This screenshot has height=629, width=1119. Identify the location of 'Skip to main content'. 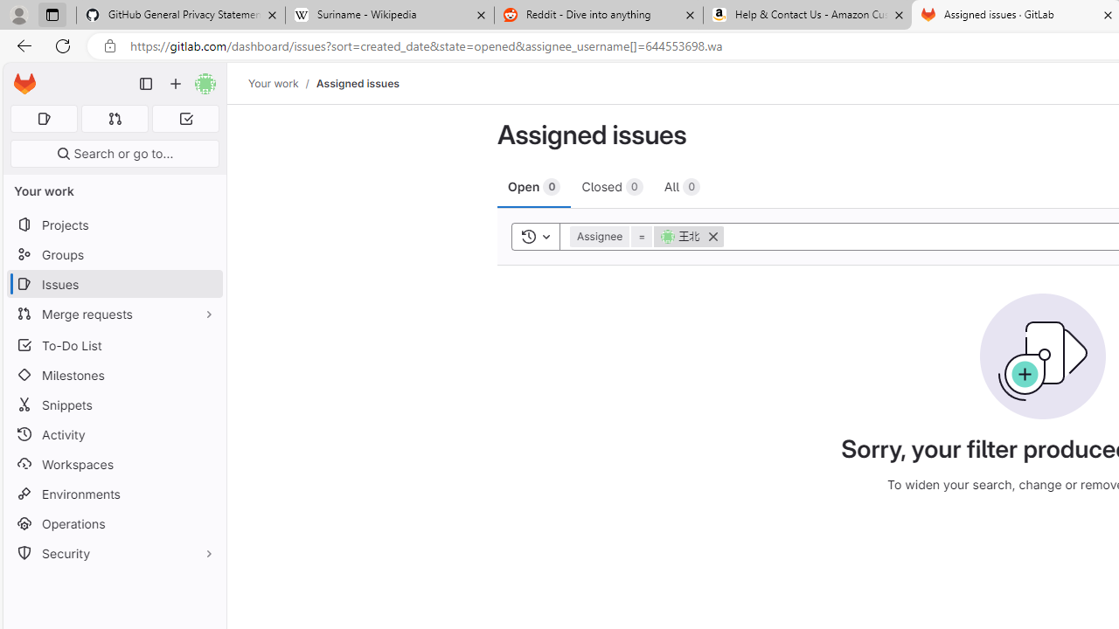
(20, 75).